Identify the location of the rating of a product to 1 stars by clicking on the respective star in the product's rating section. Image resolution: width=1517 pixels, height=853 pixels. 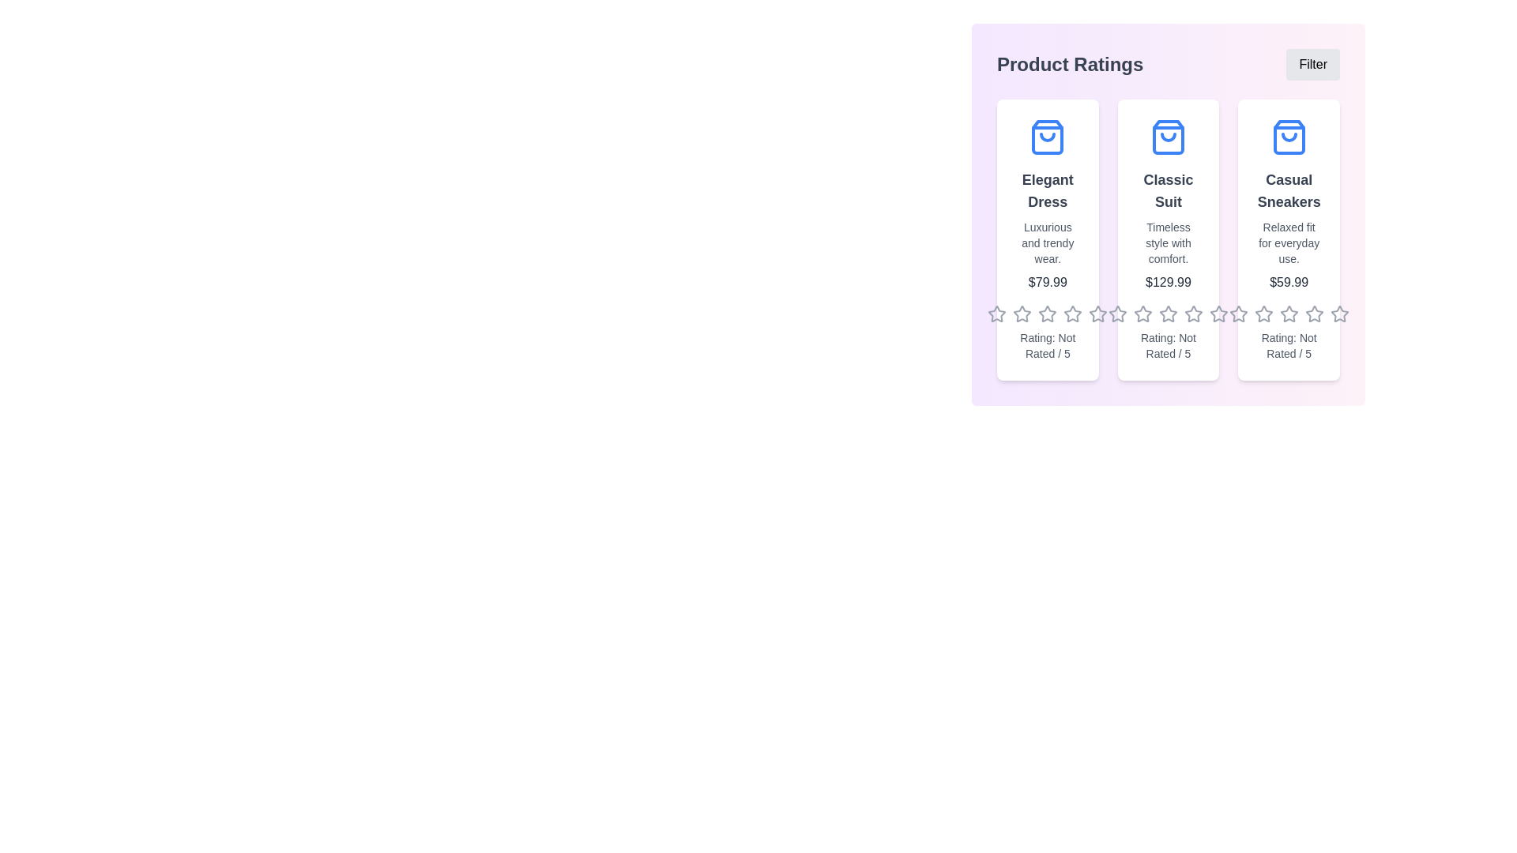
(996, 314).